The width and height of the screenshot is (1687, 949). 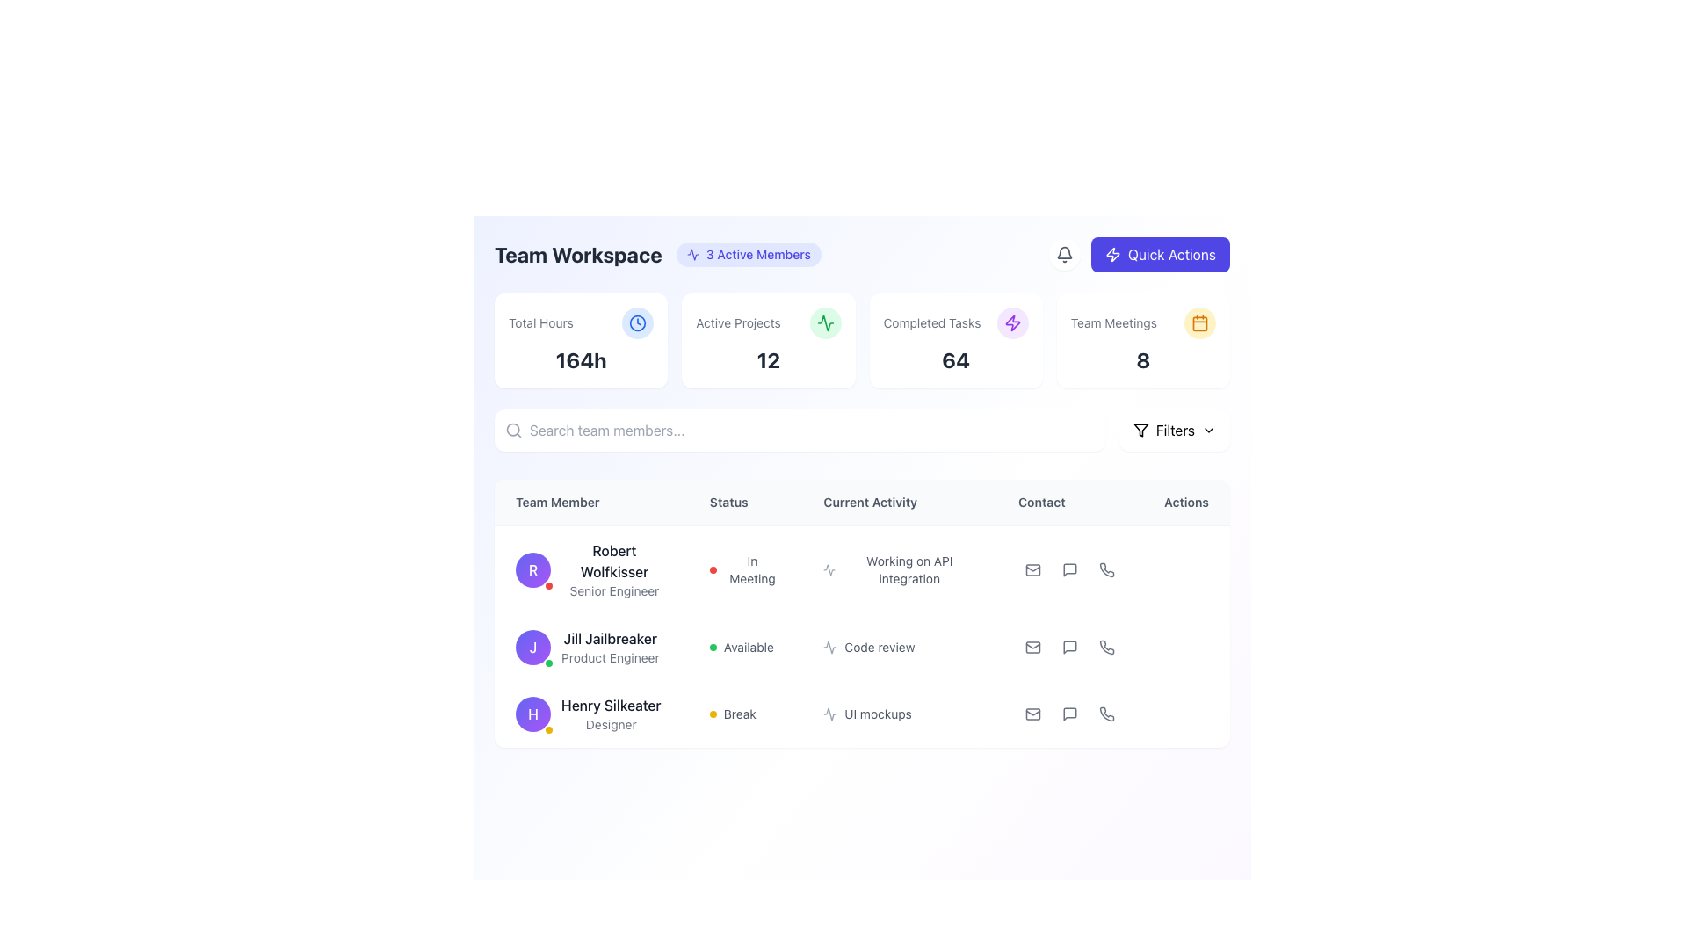 I want to click on the button with a speech bubble icon in the contact column of the second row, so click(x=1069, y=647).